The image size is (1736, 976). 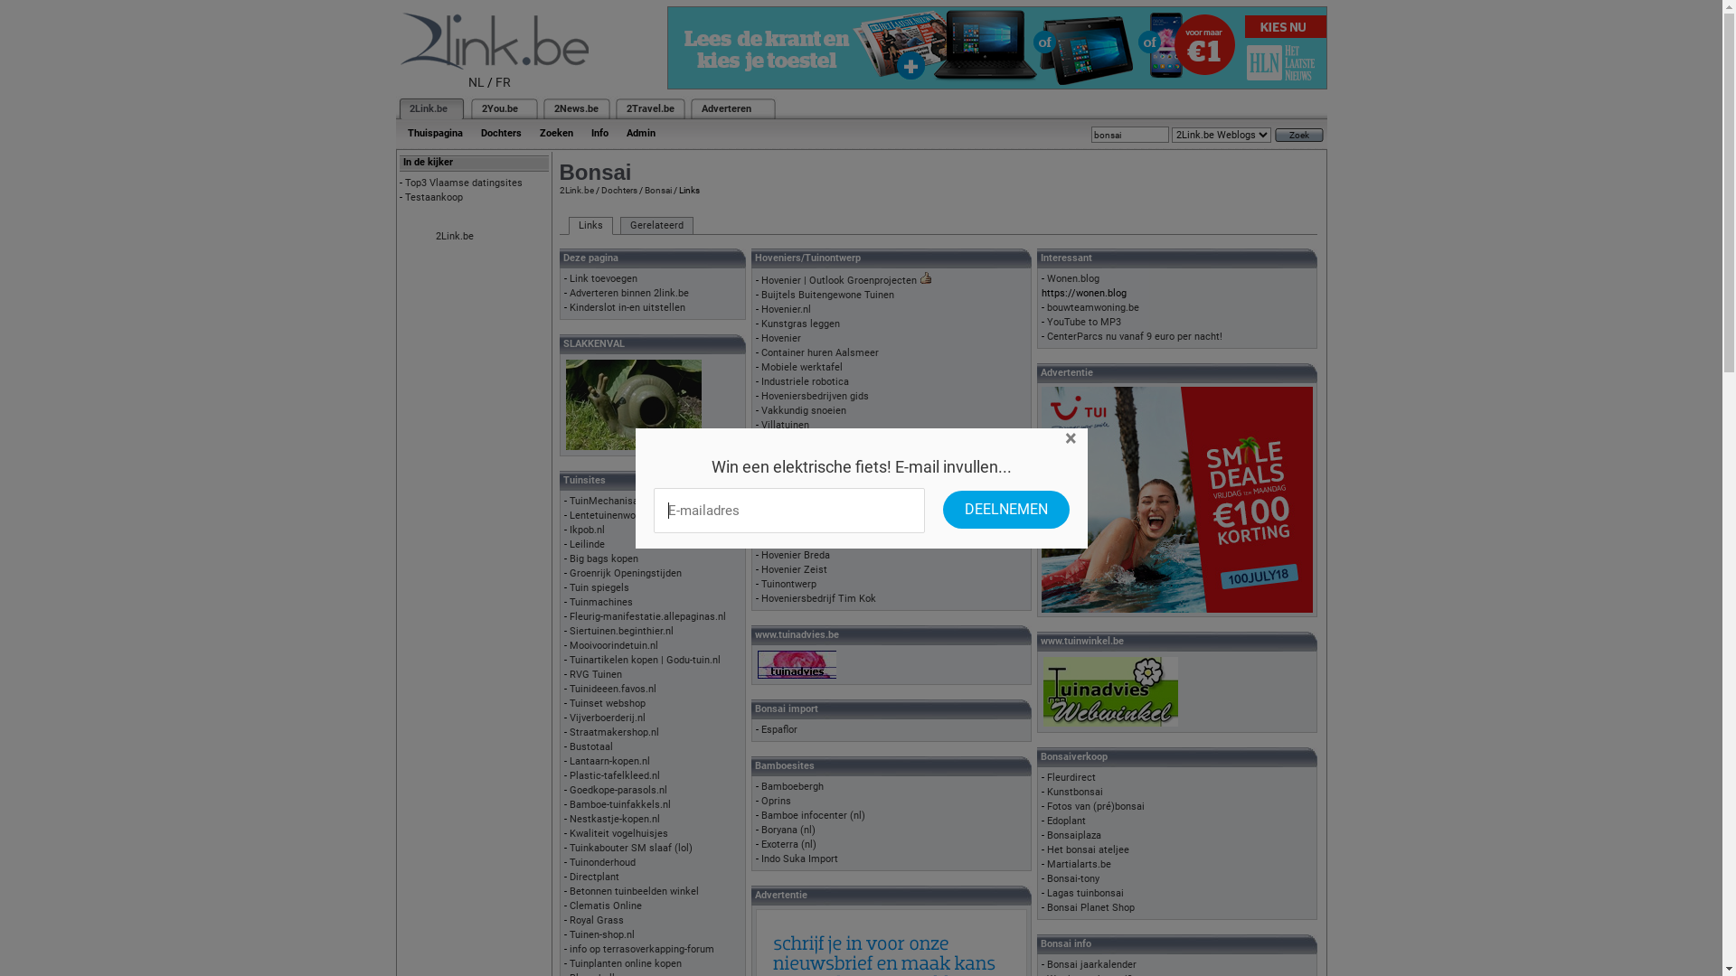 I want to click on 'Kunstgras leggen', so click(x=799, y=323).